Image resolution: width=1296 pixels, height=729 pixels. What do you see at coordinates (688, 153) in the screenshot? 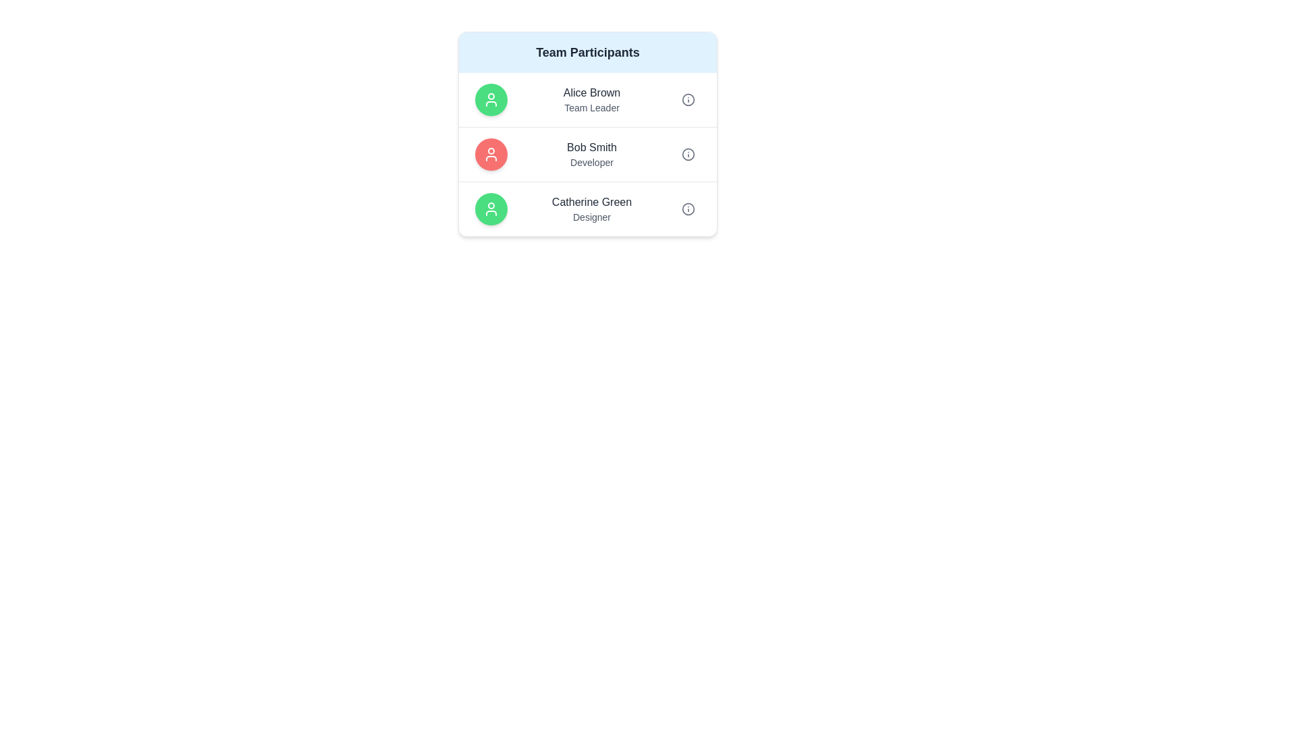
I see `the circular light gray icon button featuring an info symbol located to the right of the 'Bob Smith Developer' row in the 'Team Participants' section` at bounding box center [688, 153].